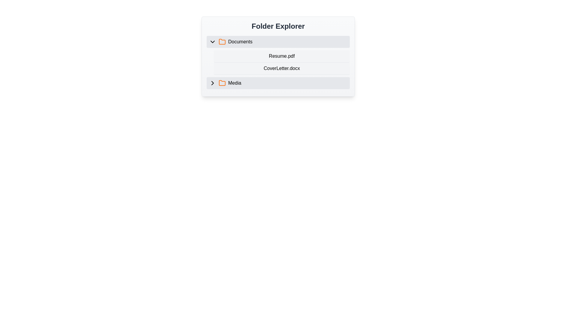  What do you see at coordinates (222, 83) in the screenshot?
I see `the prominent orange folder icon located to the left of the 'Media' text in the 'Folder Explorer' interface` at bounding box center [222, 83].